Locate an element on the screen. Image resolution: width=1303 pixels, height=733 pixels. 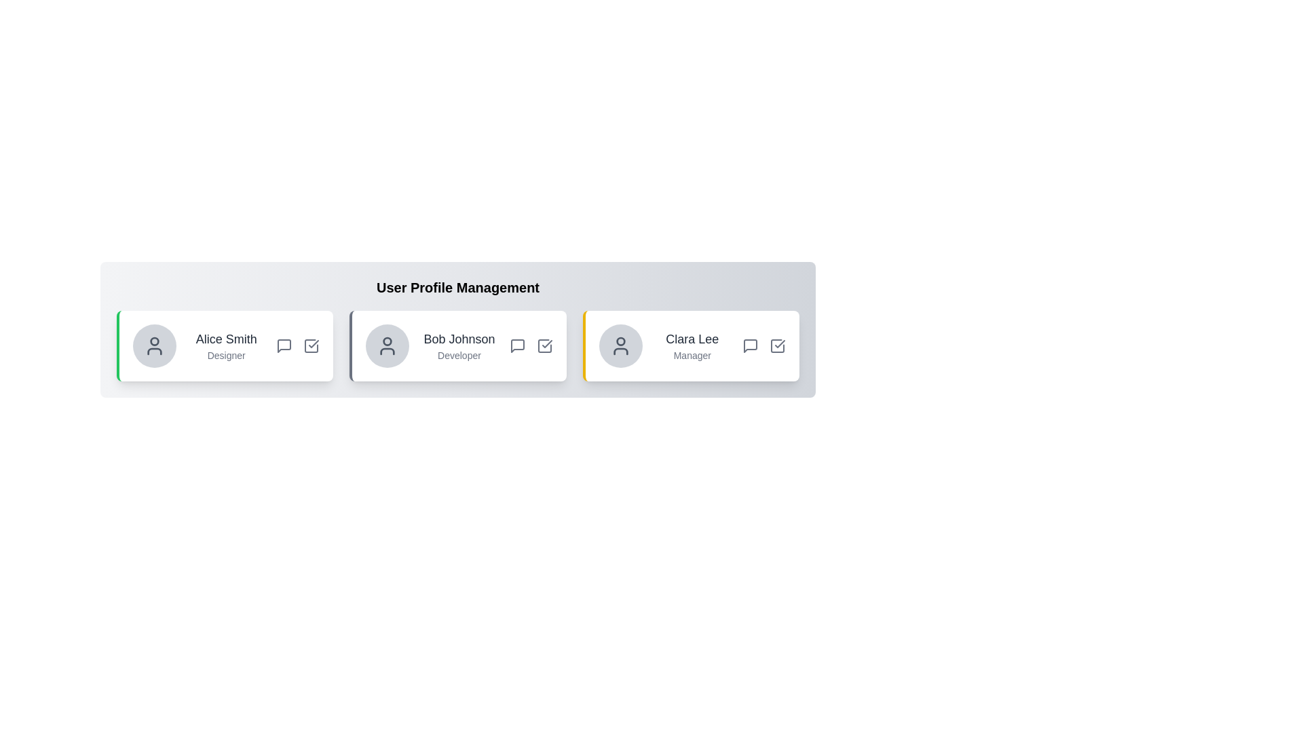
the text label displaying 'Clara Lee', which is styled in bold, large dark gray font and located above the role description 'Manager' within a user card interface is located at coordinates (692, 339).